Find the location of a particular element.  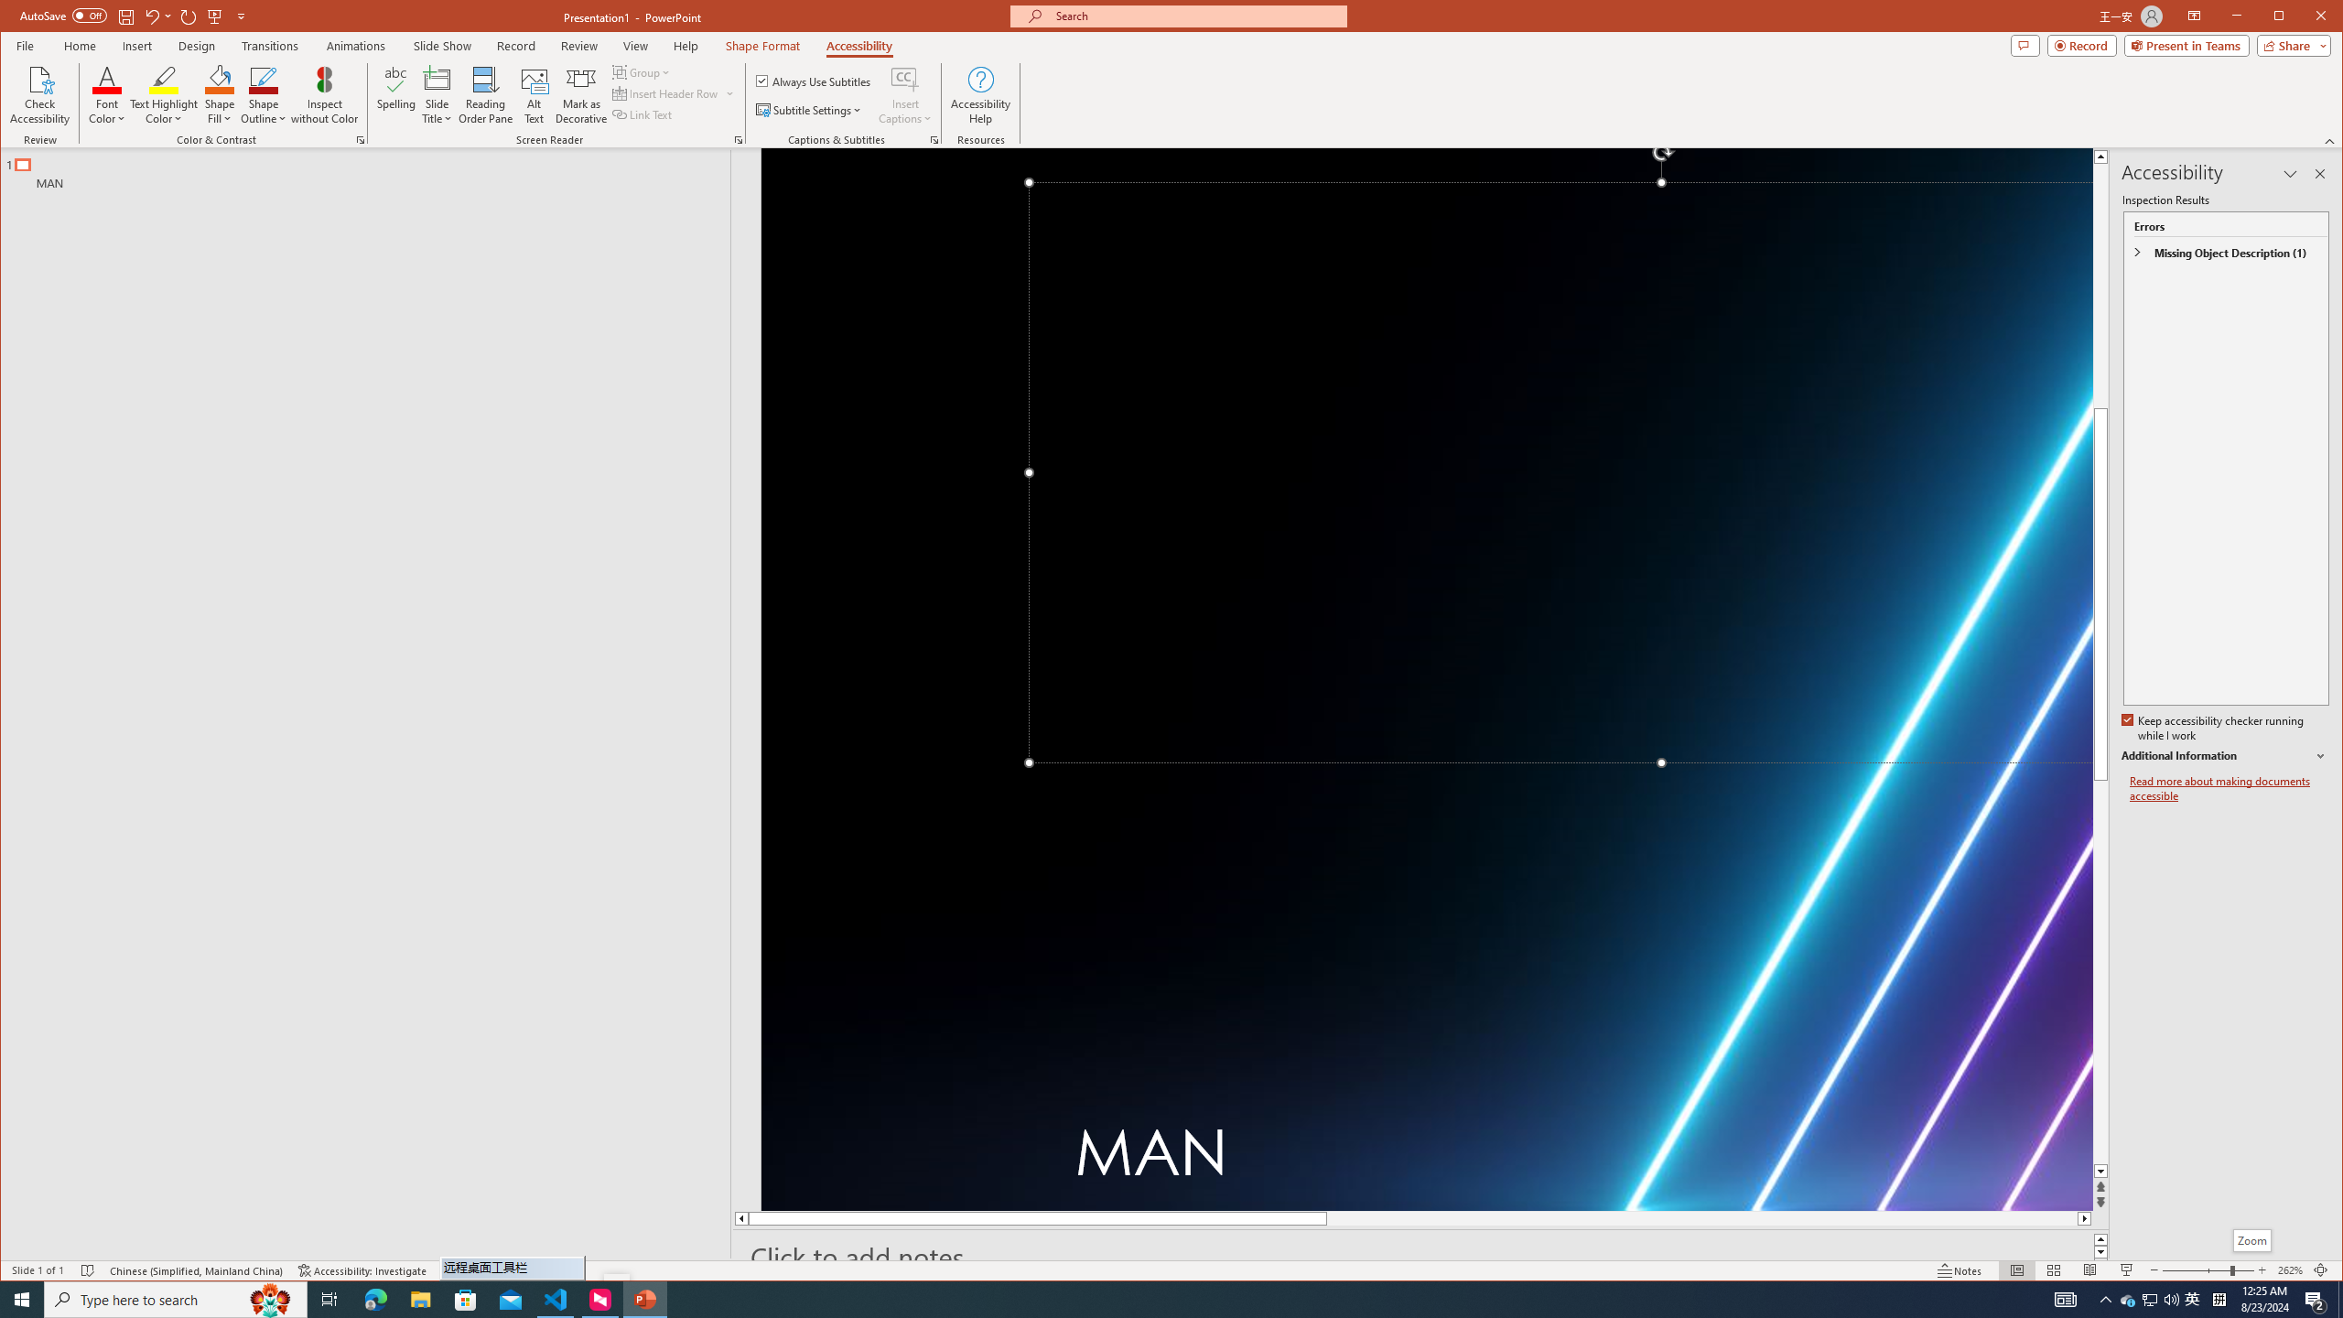

'Start' is located at coordinates (22, 1298).